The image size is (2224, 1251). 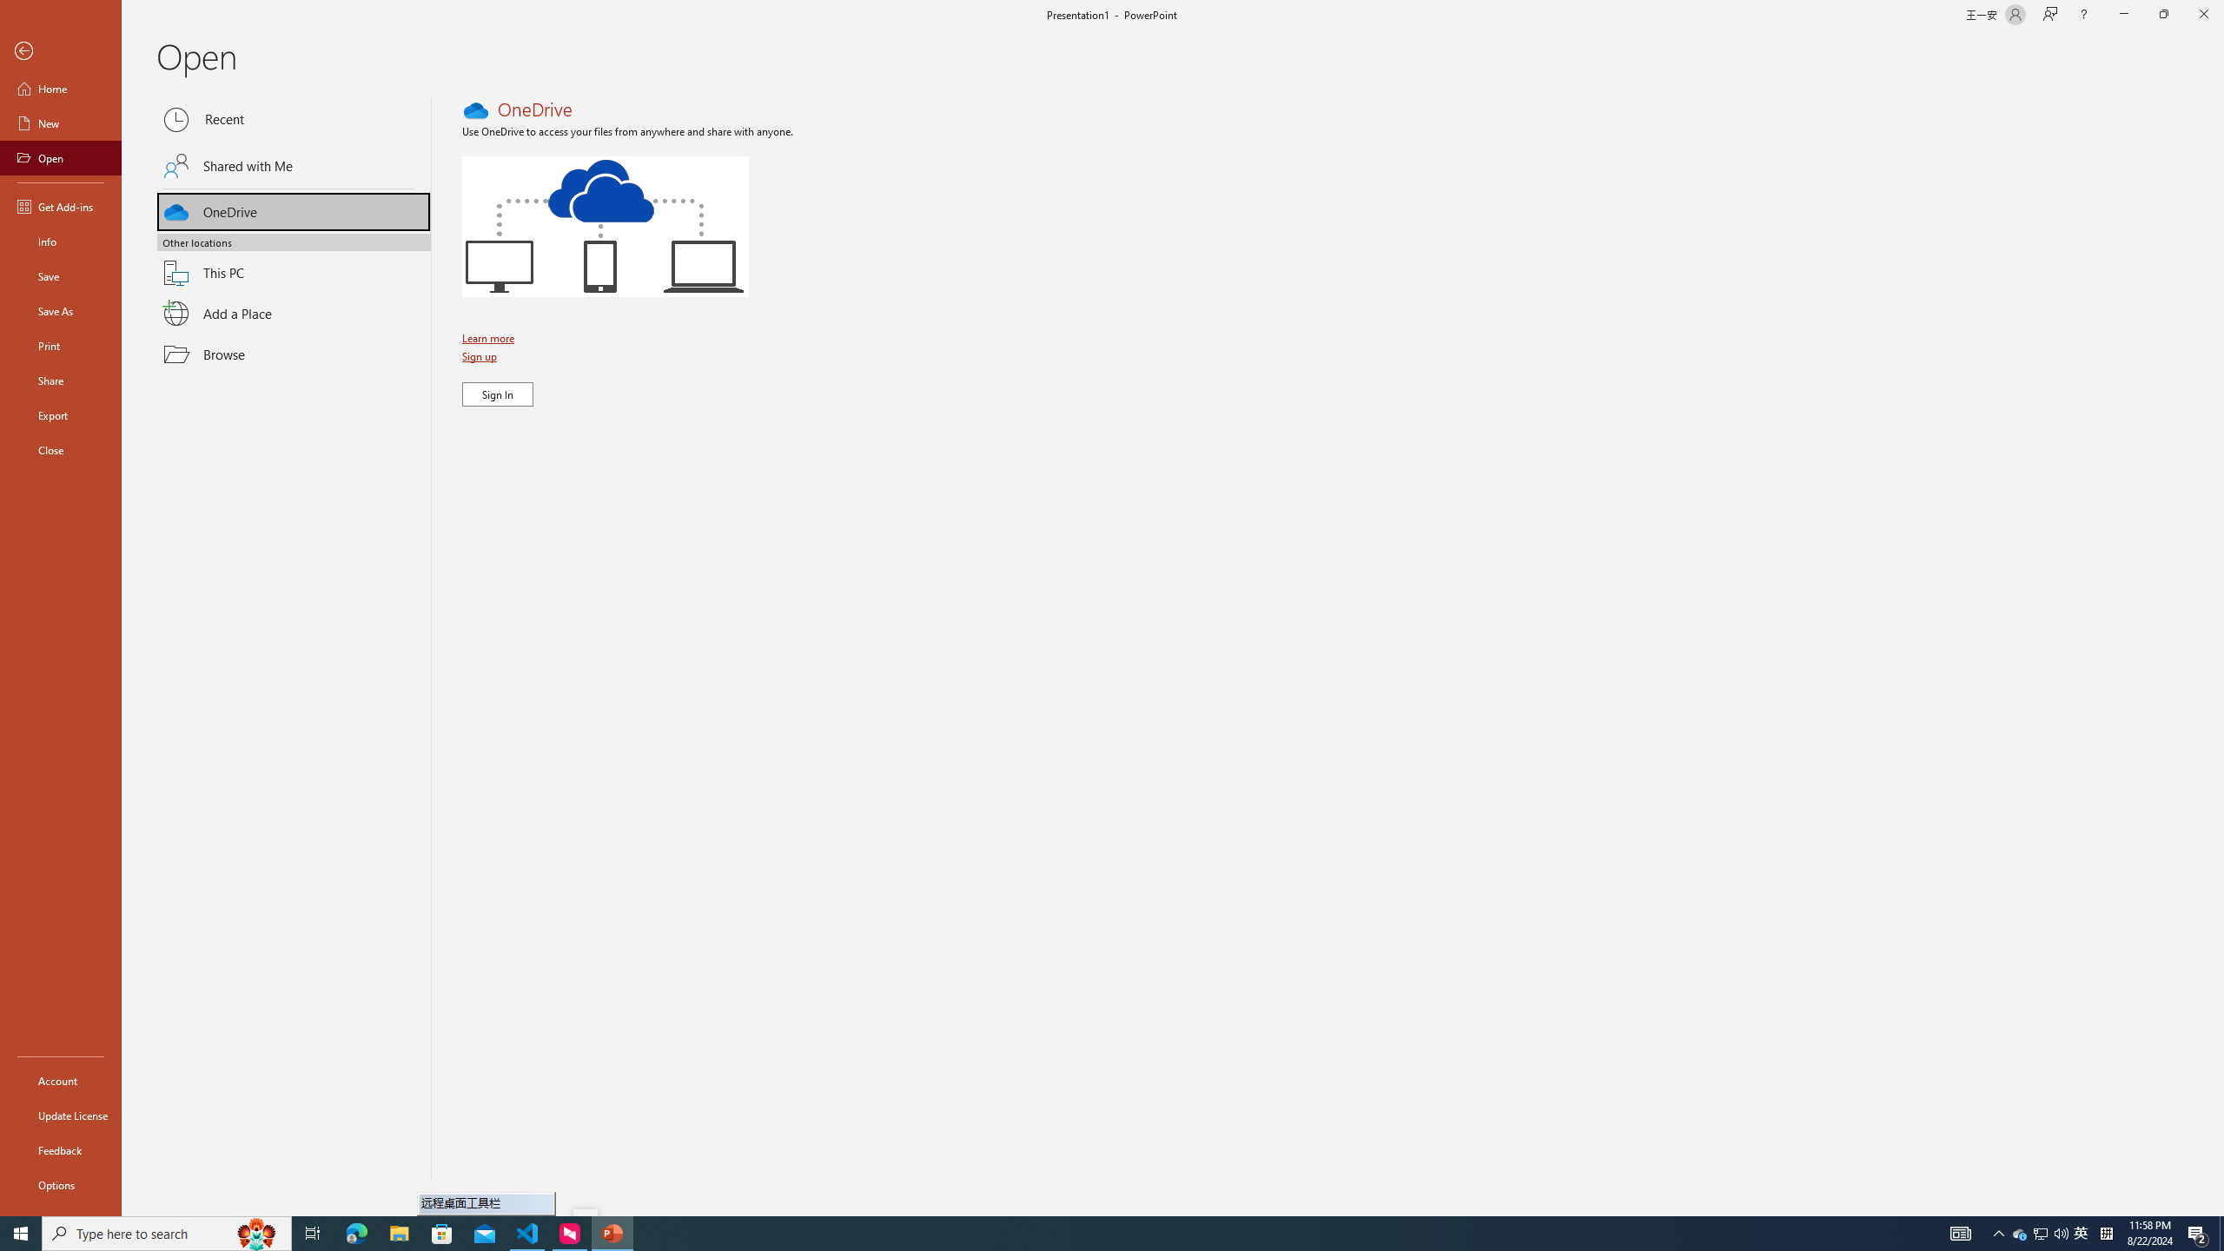 What do you see at coordinates (60, 122) in the screenshot?
I see `'New'` at bounding box center [60, 122].